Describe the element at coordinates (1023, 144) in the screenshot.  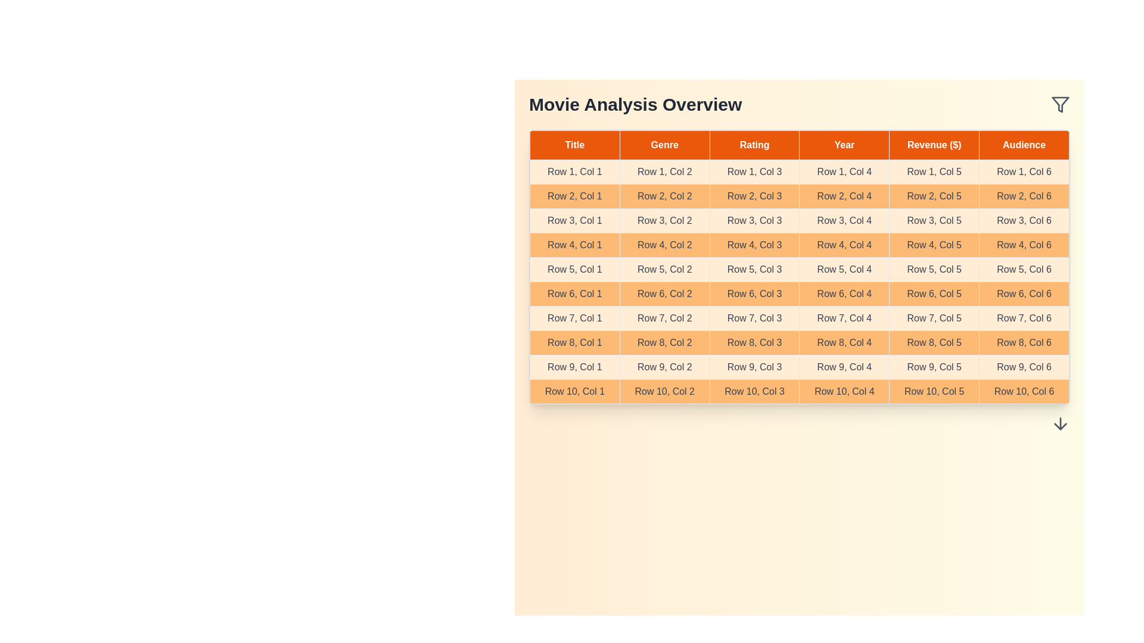
I see `the header cell labeled Audience to sort the column` at that location.